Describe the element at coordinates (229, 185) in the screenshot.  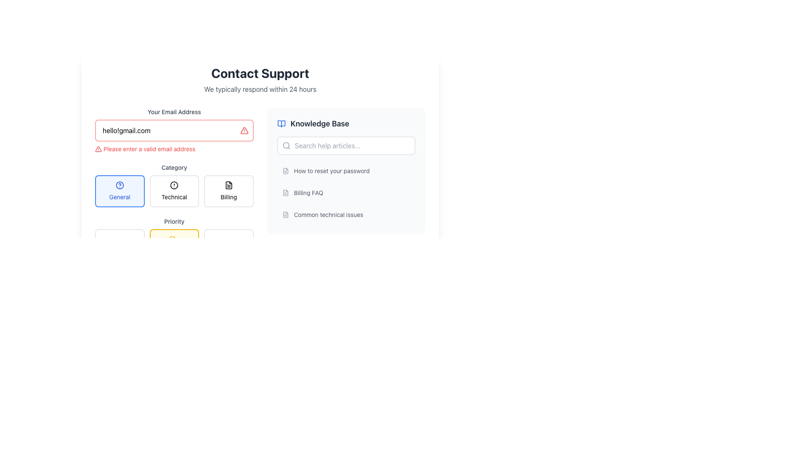
I see `the document file icon with a folded corner located in the top portion of the 'Category' section, slightly to the right of the 'Technical' option` at that location.